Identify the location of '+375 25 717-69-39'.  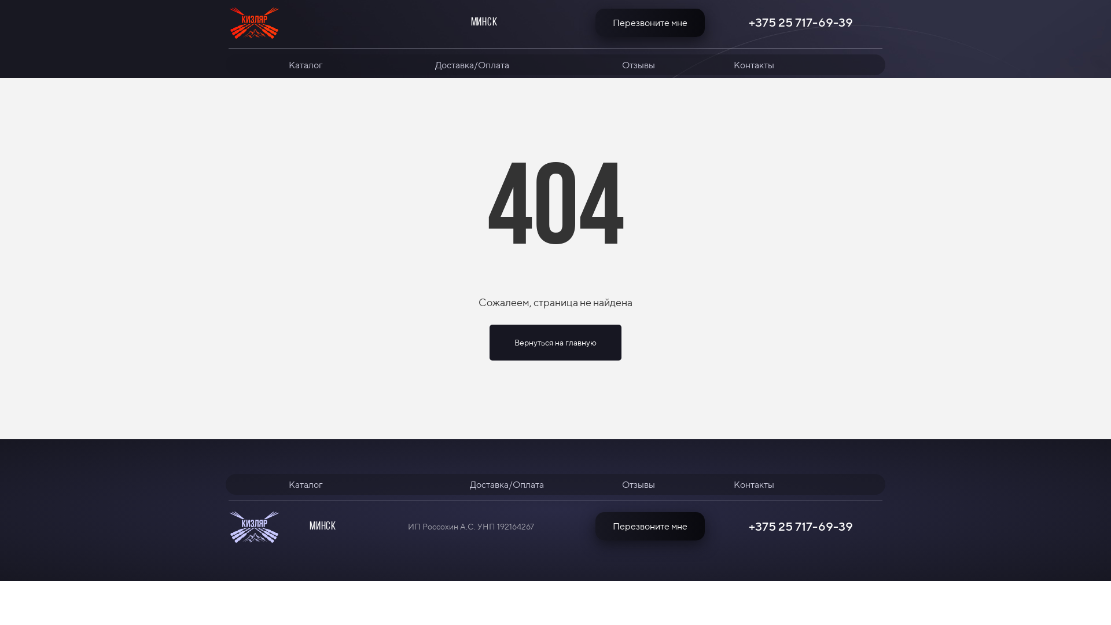
(746, 22).